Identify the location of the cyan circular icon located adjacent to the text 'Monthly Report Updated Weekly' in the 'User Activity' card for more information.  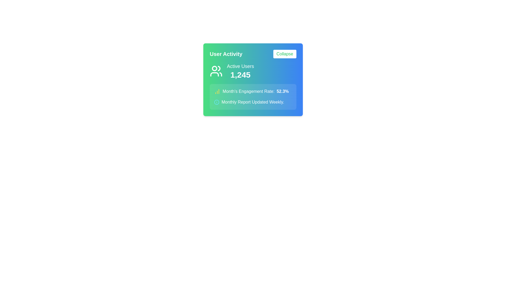
(216, 102).